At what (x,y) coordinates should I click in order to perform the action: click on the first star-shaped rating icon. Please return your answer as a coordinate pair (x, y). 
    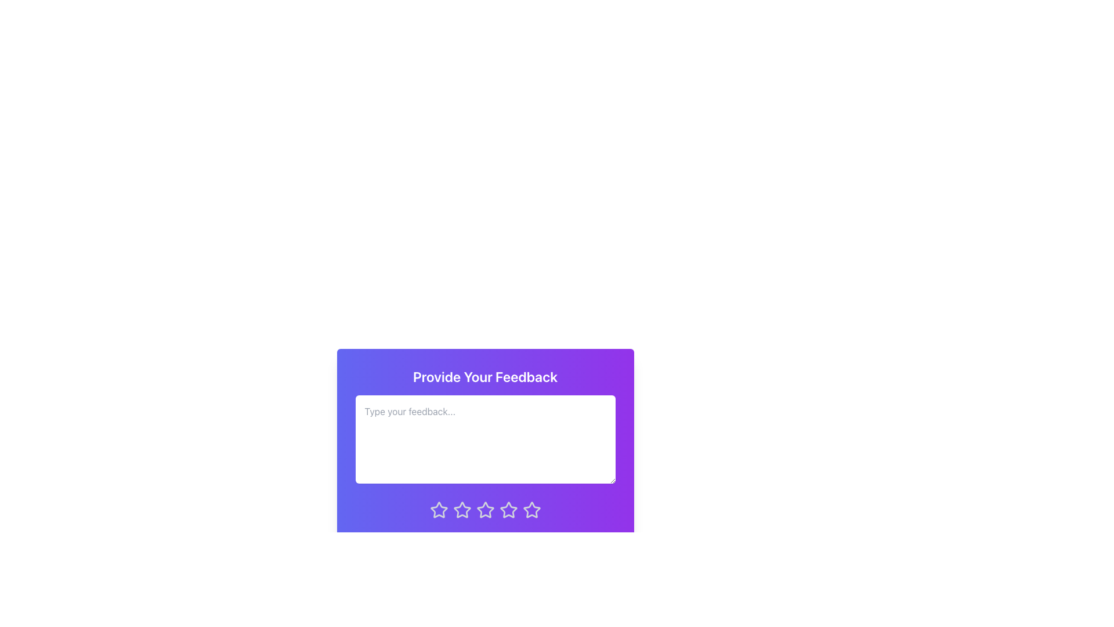
    Looking at the image, I should click on (438, 510).